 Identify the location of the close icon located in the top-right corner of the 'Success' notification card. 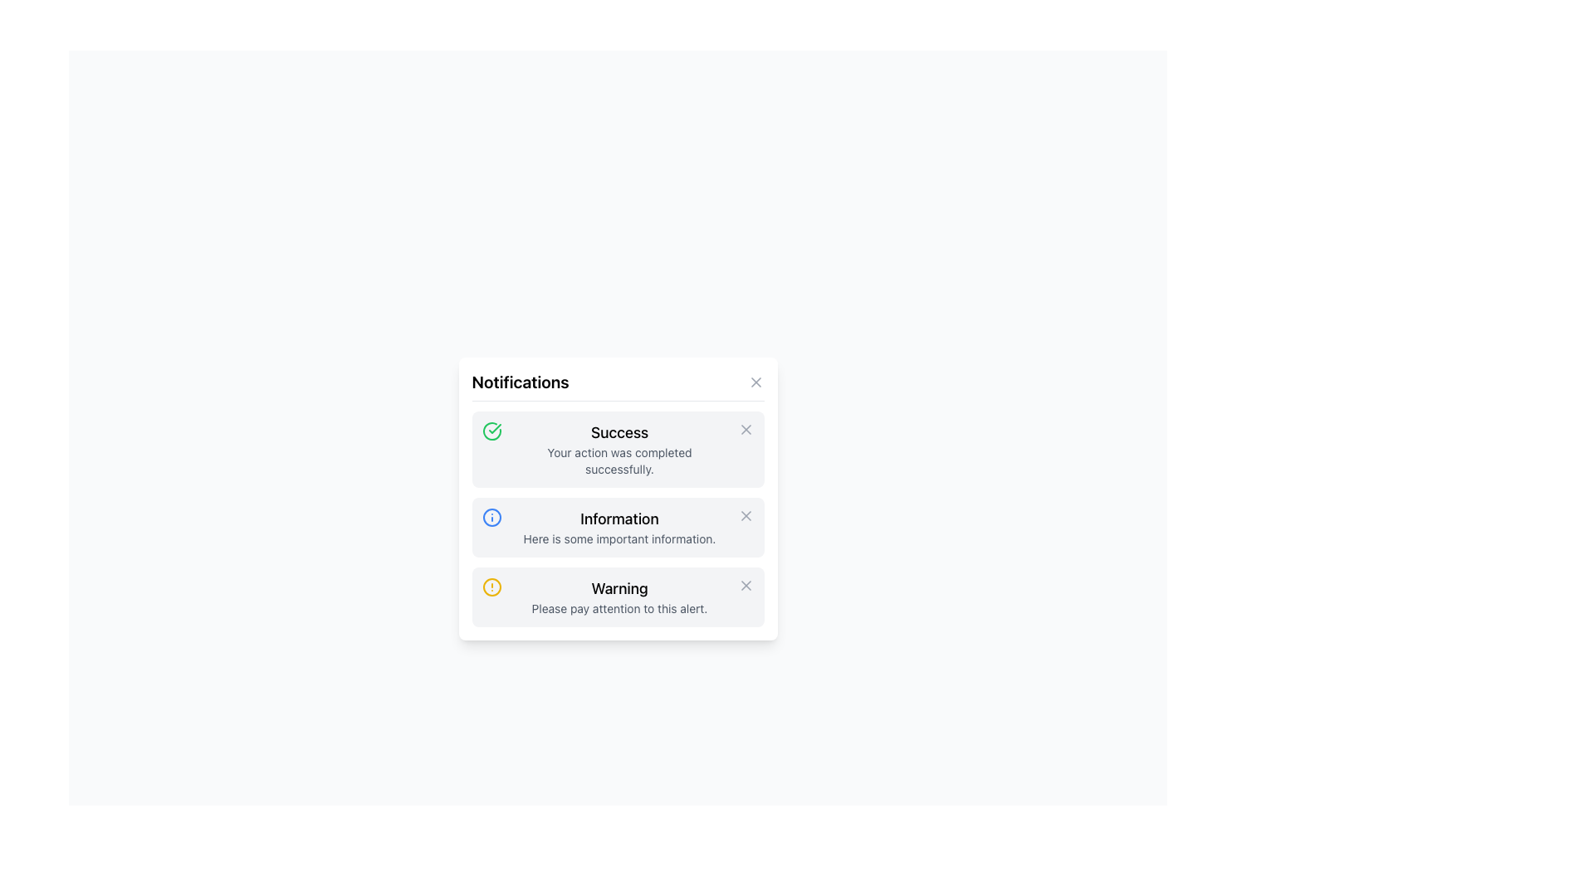
(745, 428).